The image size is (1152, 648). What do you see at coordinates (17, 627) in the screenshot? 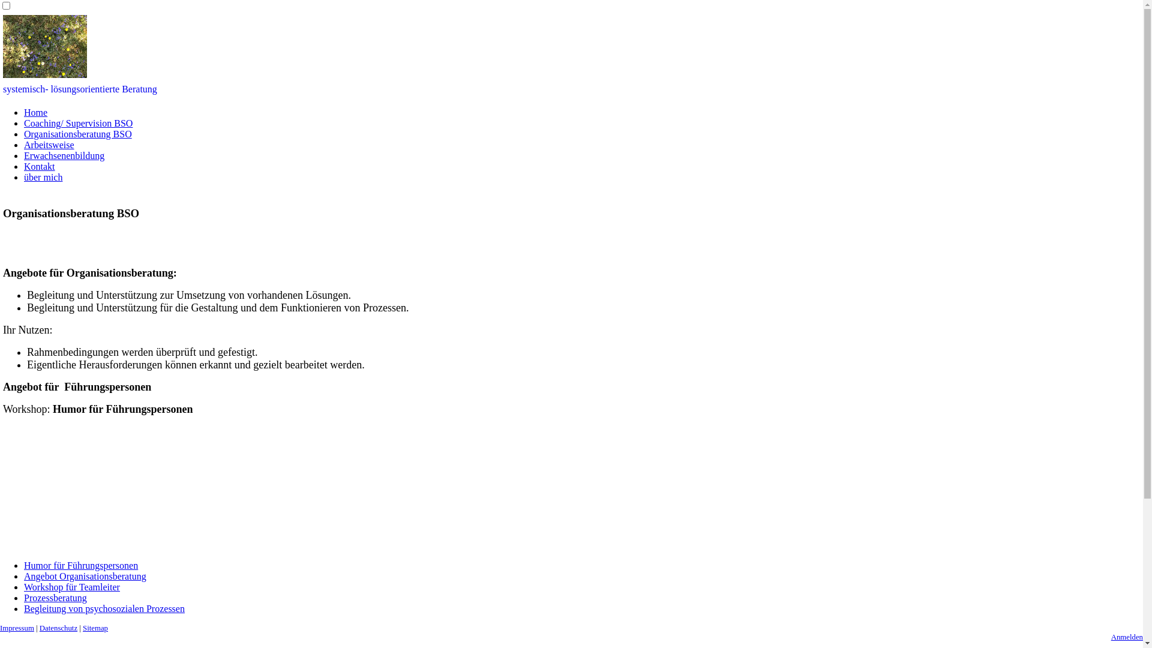
I see `'Impressum'` at bounding box center [17, 627].